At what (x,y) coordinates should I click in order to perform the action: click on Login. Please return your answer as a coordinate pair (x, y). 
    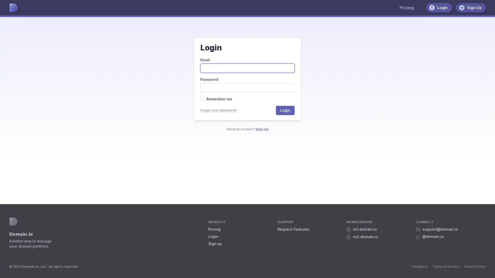
    Looking at the image, I should click on (285, 110).